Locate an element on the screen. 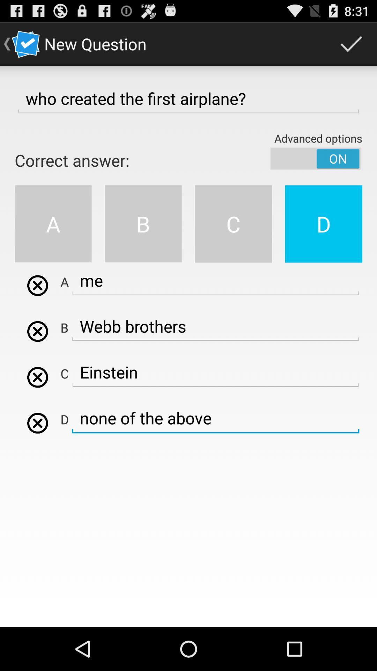 The image size is (377, 671). answer option is located at coordinates (37, 286).